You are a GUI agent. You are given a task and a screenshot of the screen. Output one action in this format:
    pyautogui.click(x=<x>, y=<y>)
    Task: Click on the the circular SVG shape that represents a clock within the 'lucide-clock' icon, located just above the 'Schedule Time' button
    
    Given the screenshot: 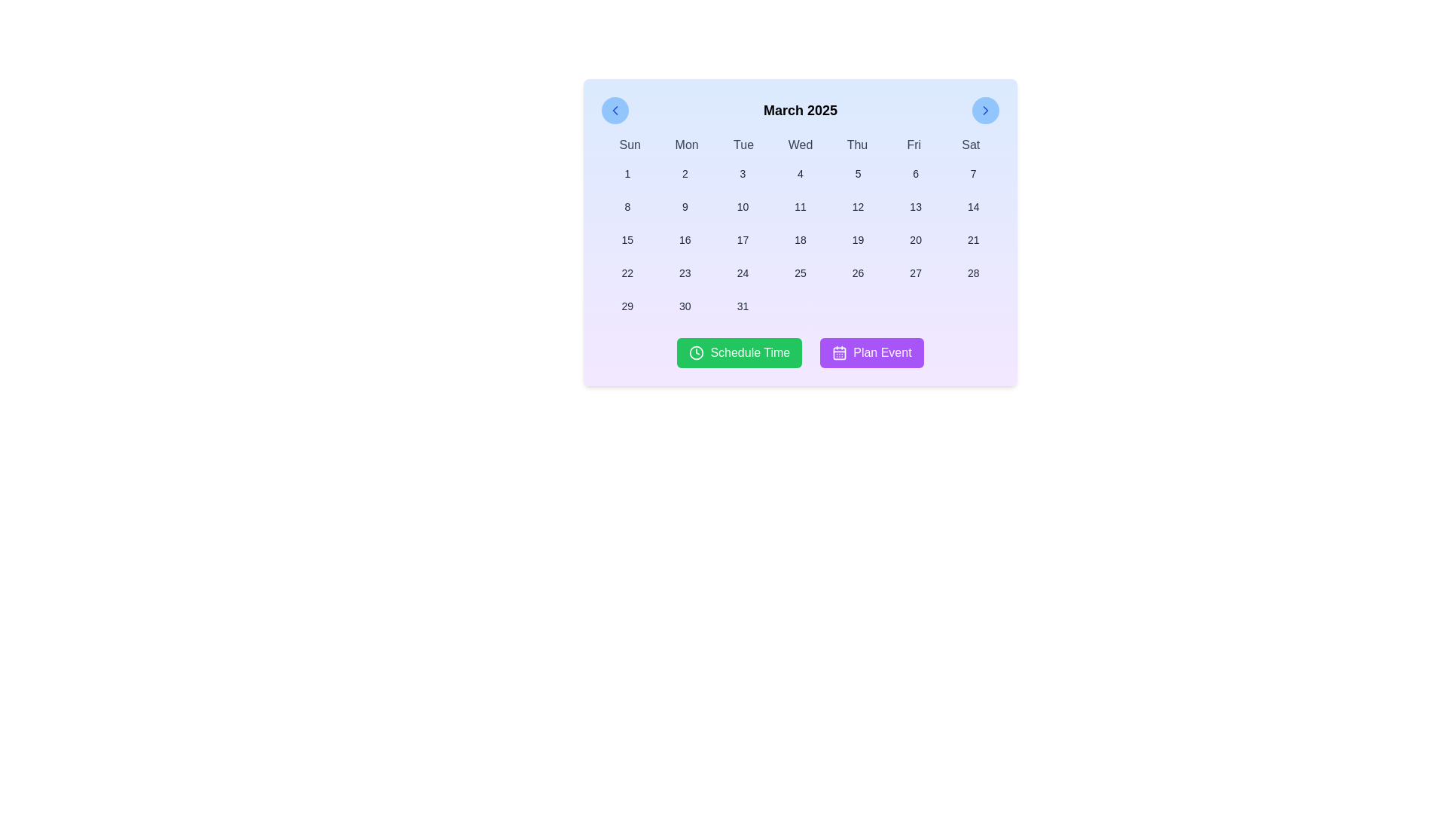 What is the action you would take?
    pyautogui.click(x=696, y=353)
    